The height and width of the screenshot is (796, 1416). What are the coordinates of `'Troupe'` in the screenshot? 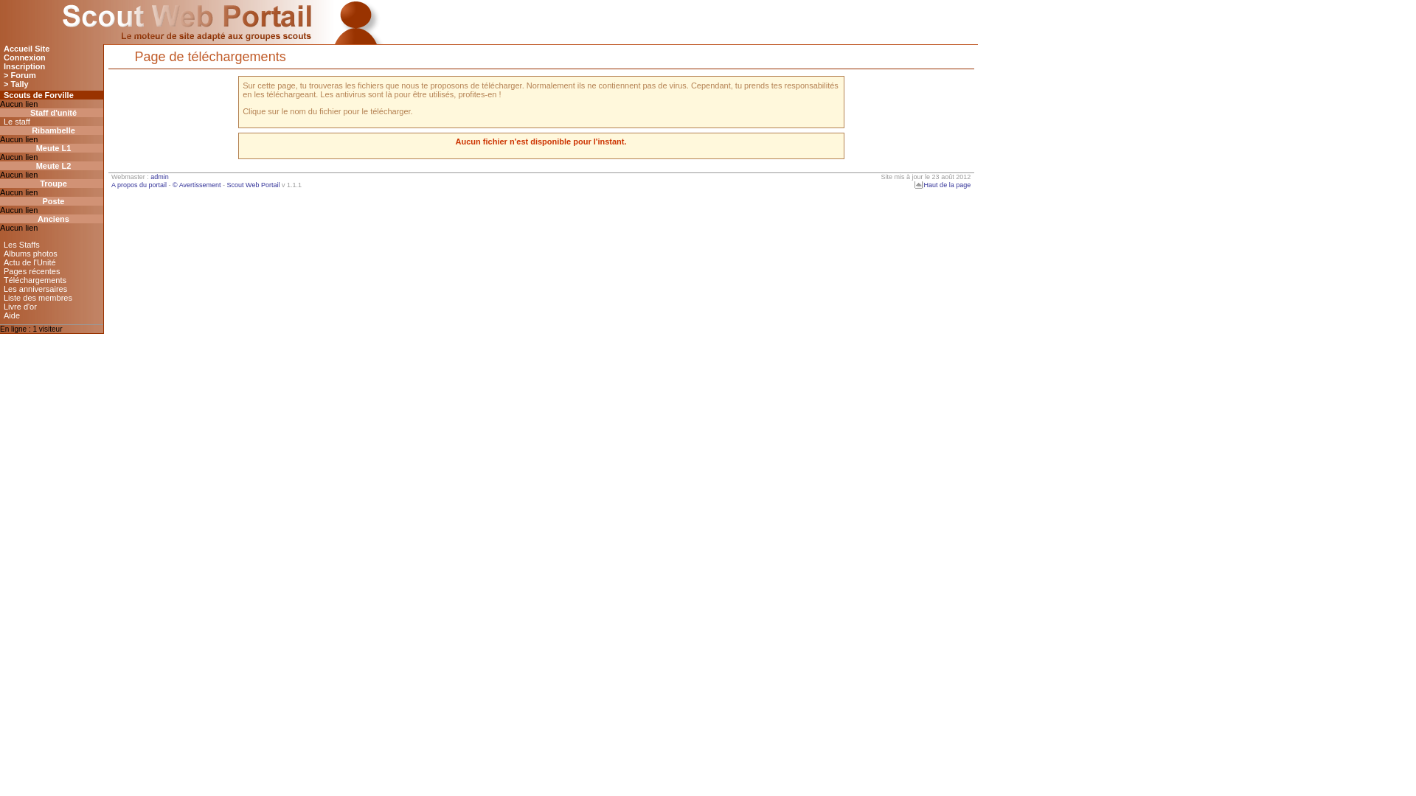 It's located at (52, 183).